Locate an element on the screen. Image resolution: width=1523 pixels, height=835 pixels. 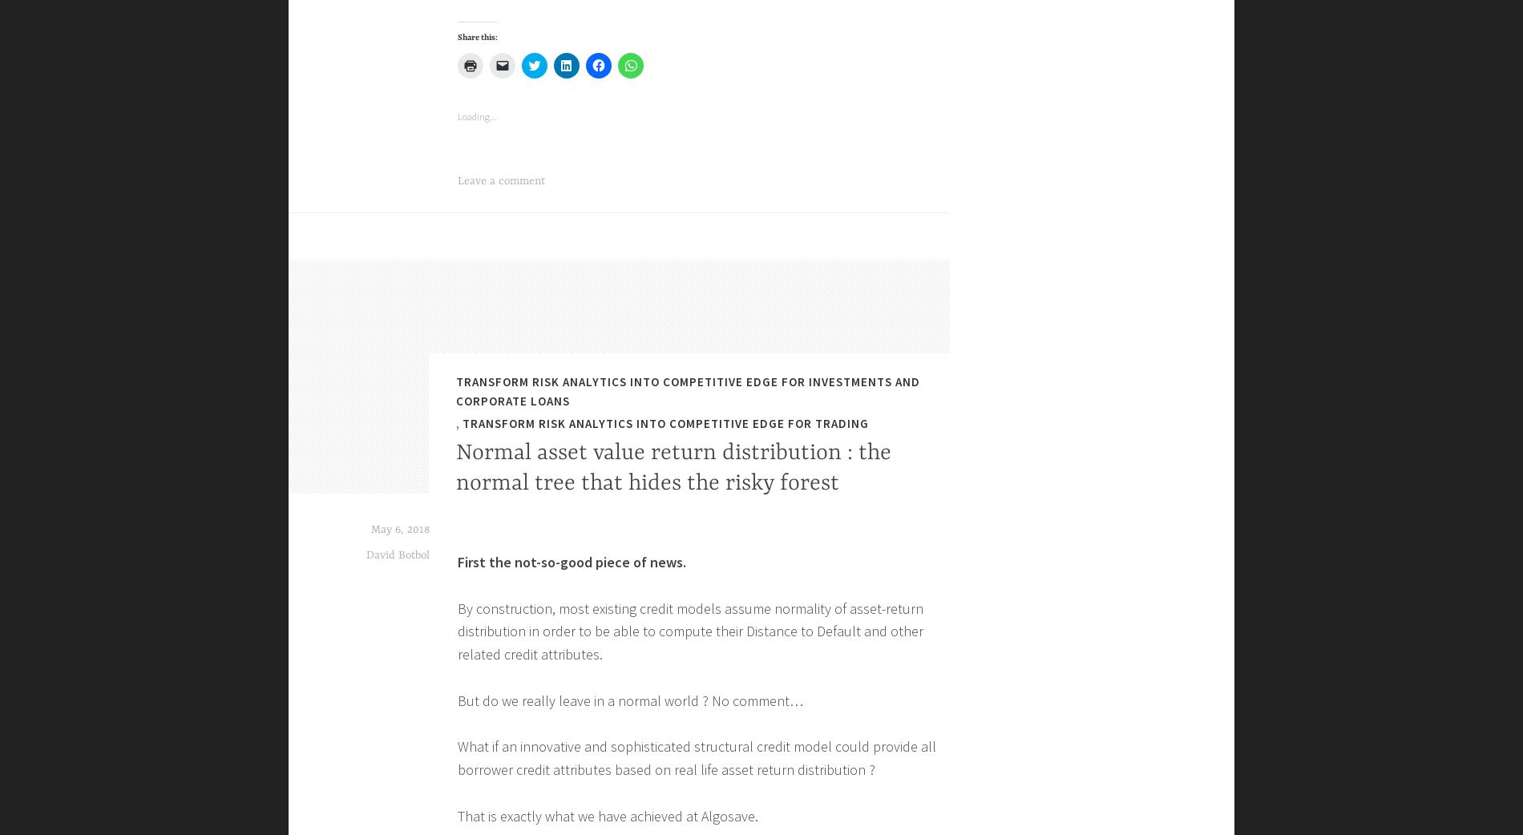
'Email' is located at coordinates (474, 277).